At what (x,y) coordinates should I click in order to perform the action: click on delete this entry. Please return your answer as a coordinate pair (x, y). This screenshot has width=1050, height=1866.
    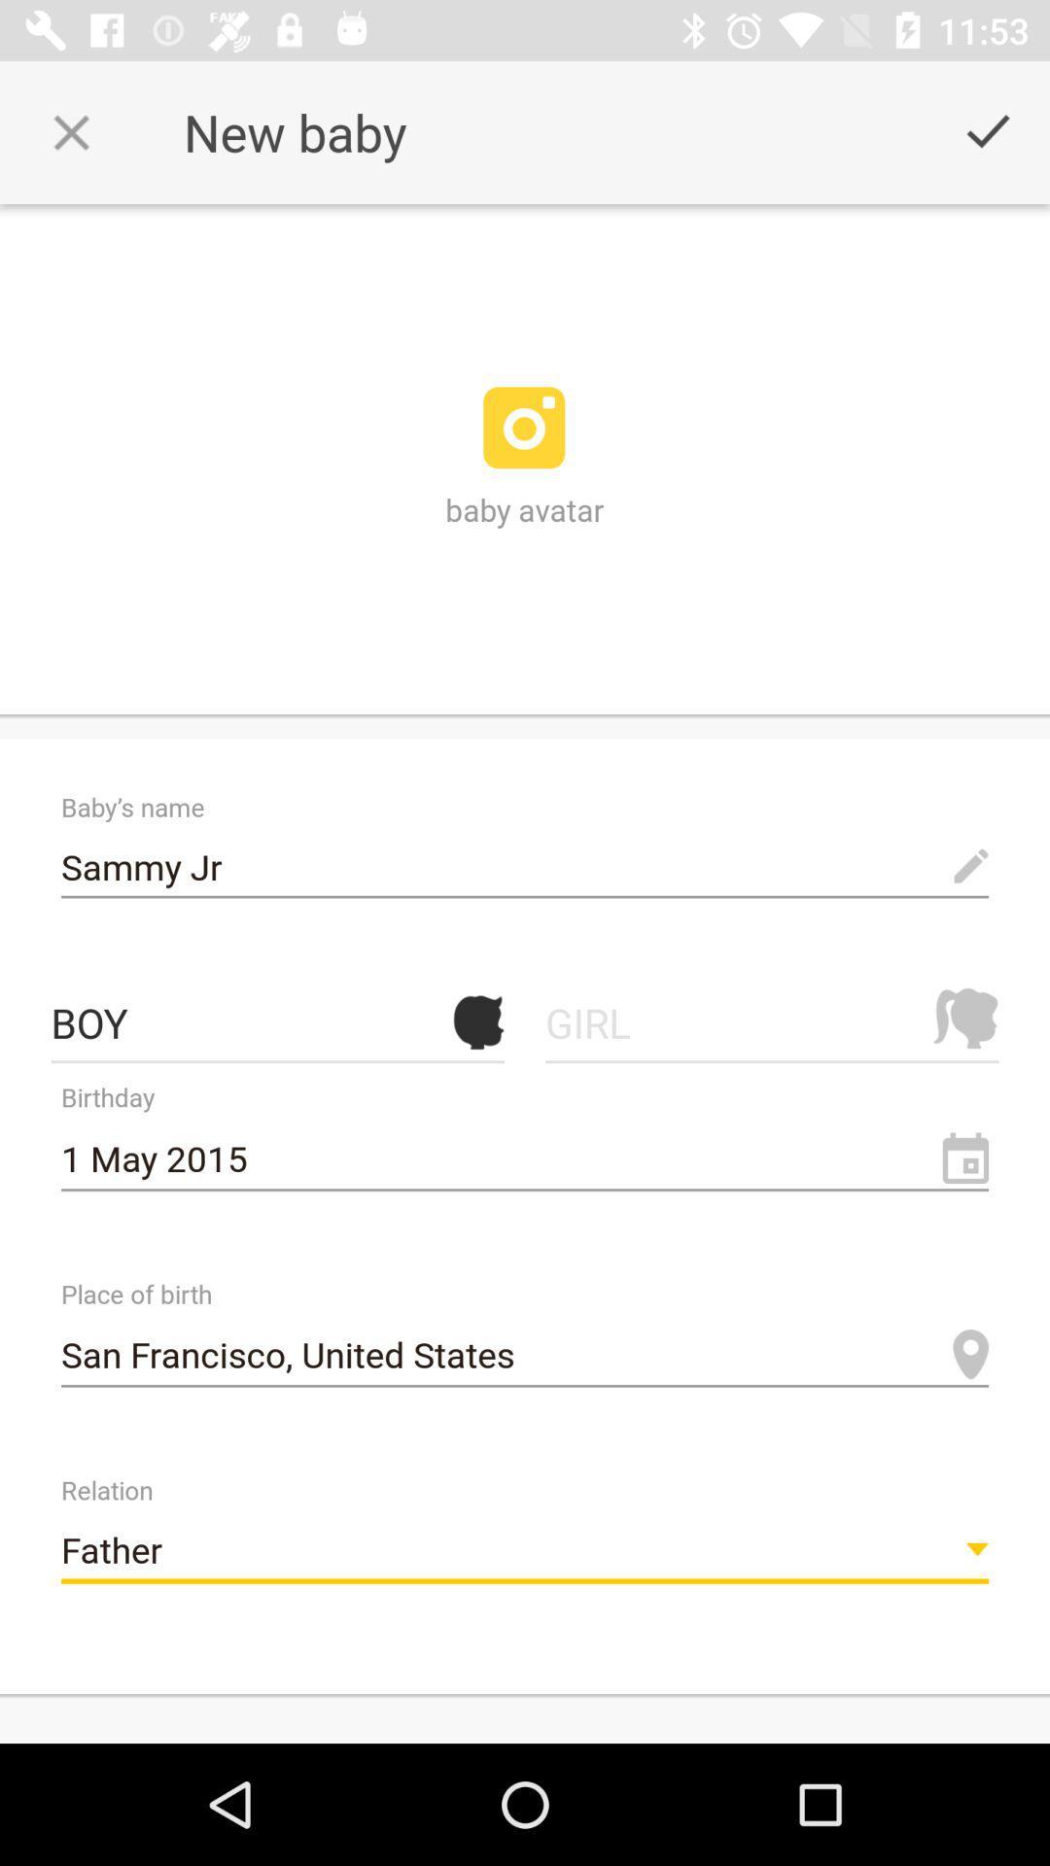
    Looking at the image, I should click on (70, 131).